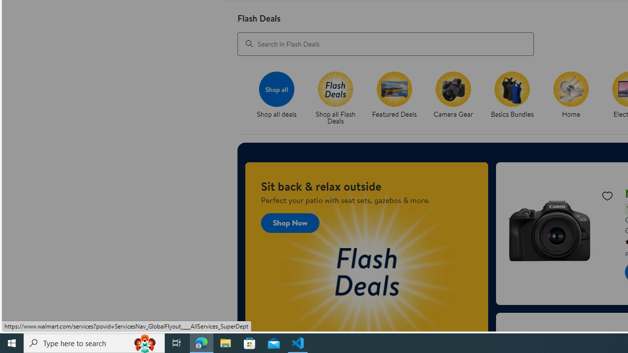  I want to click on 'Basics Bundles', so click(512, 89).